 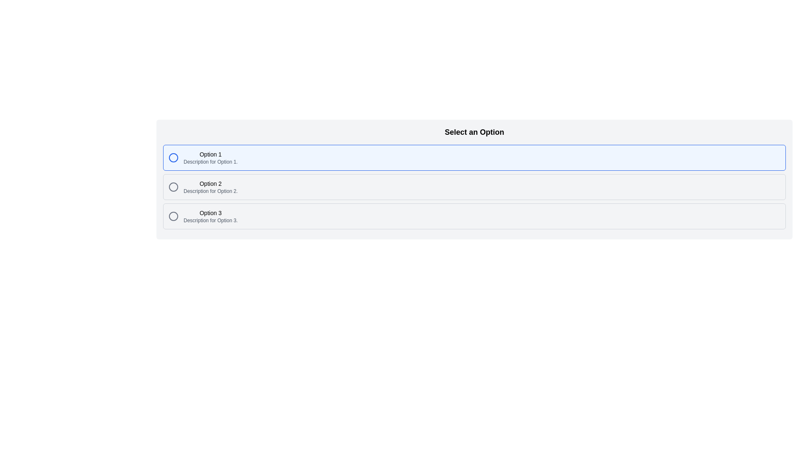 I want to click on the static text label providing details for 'Option 1', which is centrally aligned under the 'Option 1' text in the first option group, so click(x=210, y=162).